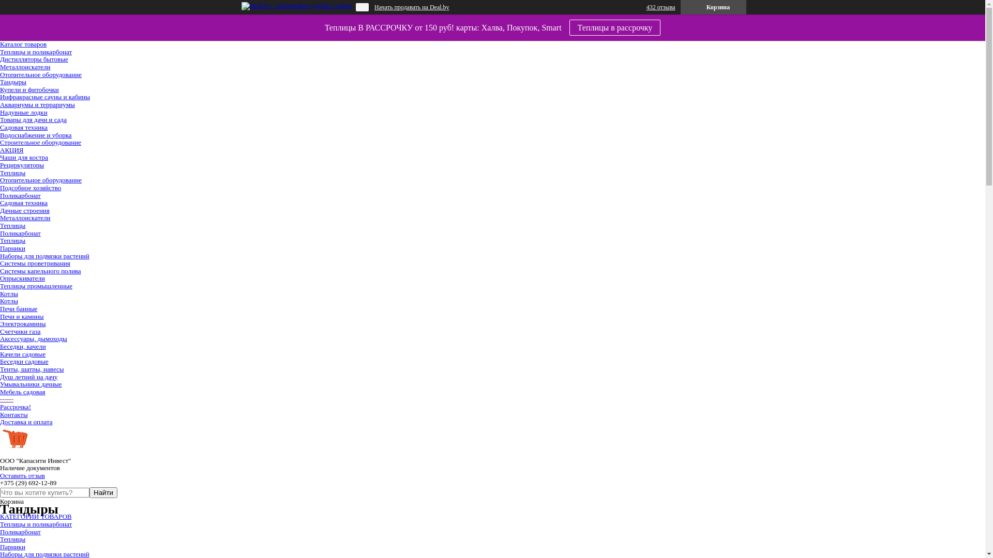  Describe the element at coordinates (7, 398) in the screenshot. I see `'------'` at that location.